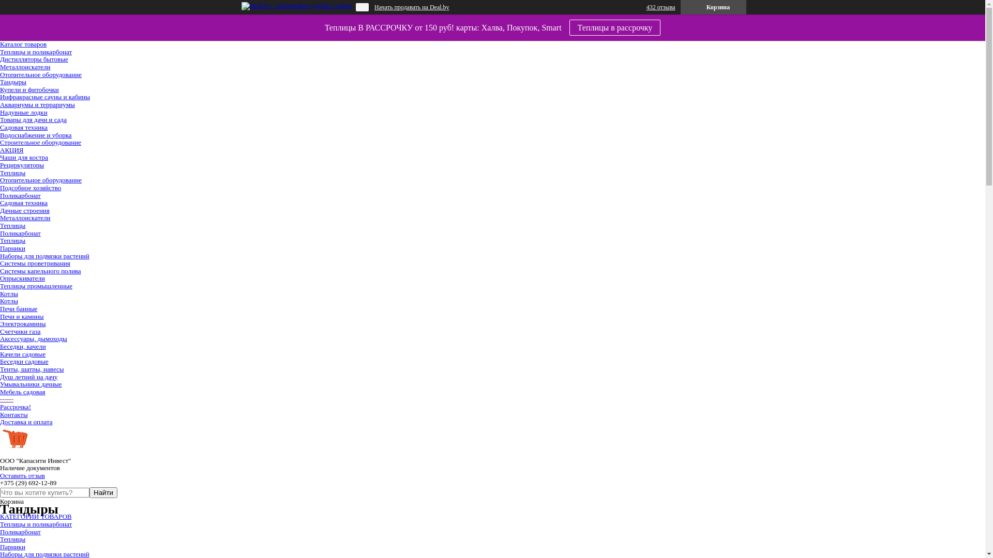  Describe the element at coordinates (7, 398) in the screenshot. I see `'------'` at that location.